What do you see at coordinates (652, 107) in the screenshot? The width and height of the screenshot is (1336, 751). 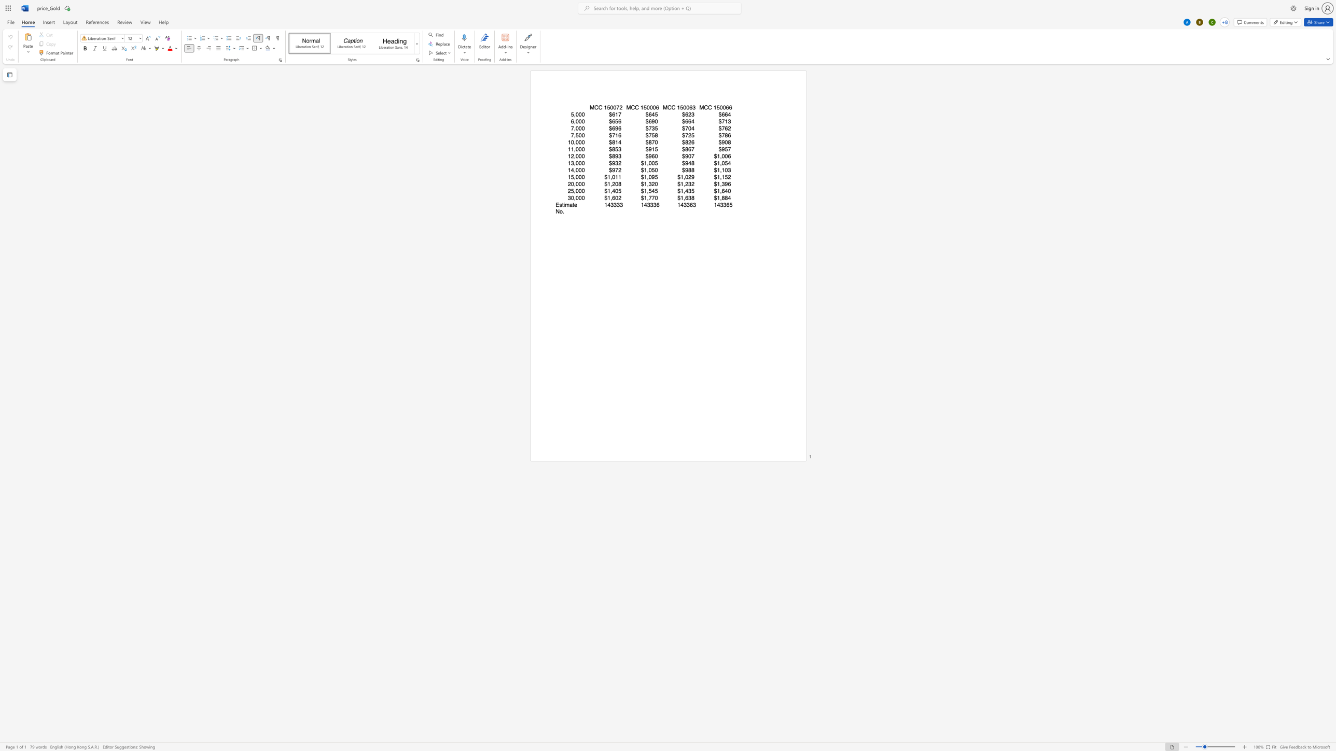 I see `the space between the continuous character "0" and "0" in the text` at bounding box center [652, 107].